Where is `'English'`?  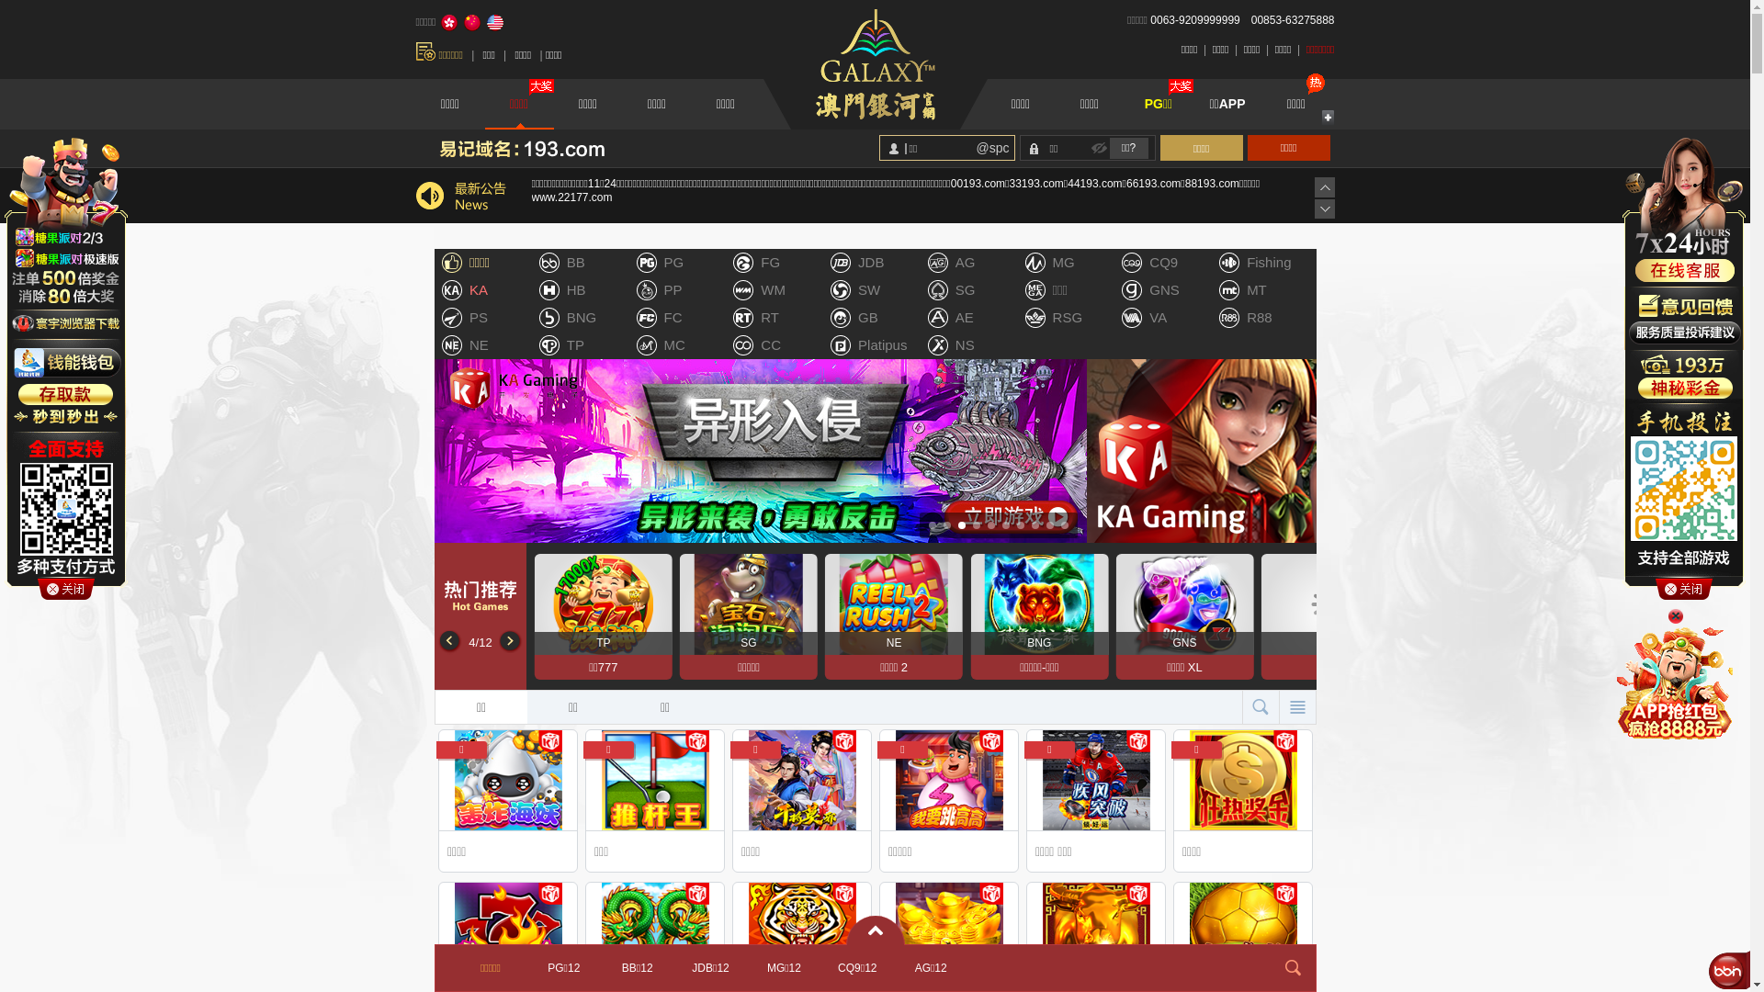 'English' is located at coordinates (494, 22).